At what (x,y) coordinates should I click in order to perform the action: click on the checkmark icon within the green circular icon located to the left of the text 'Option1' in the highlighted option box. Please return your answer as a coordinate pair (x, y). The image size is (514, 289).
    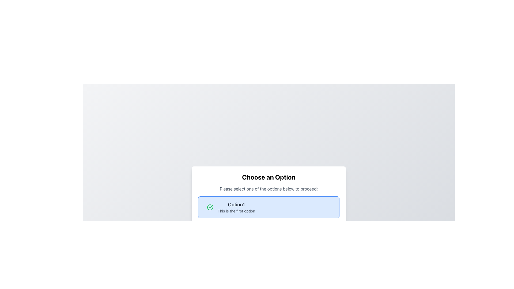
    Looking at the image, I should click on (211, 206).